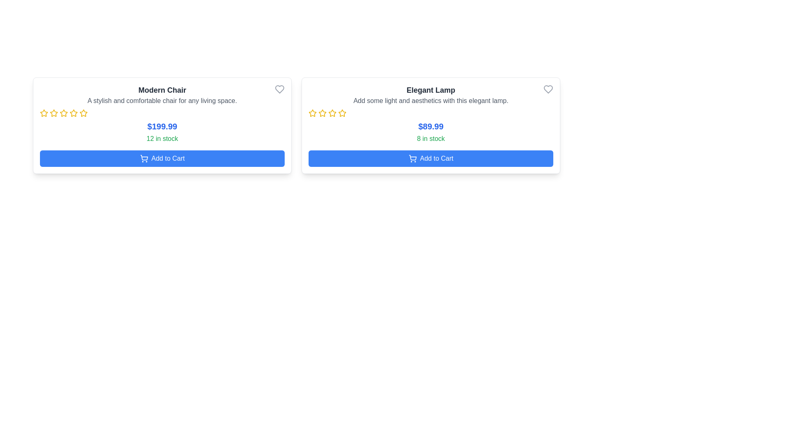  I want to click on the first yellow star in the rating system below the title 'Modern Chair', so click(43, 113).